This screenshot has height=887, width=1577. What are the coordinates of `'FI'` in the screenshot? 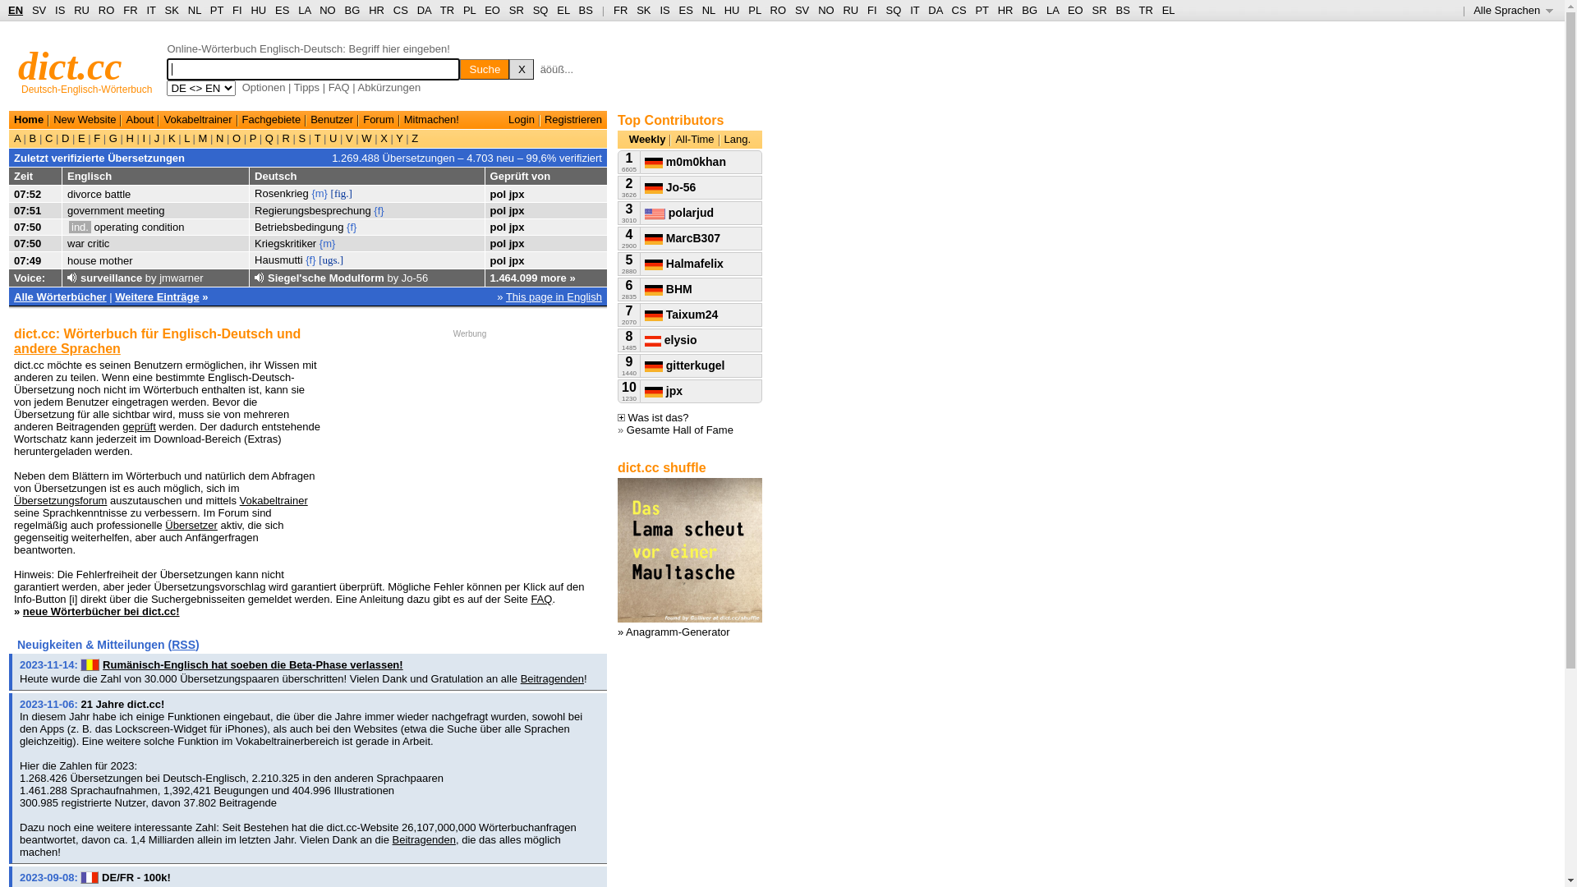 It's located at (232, 10).